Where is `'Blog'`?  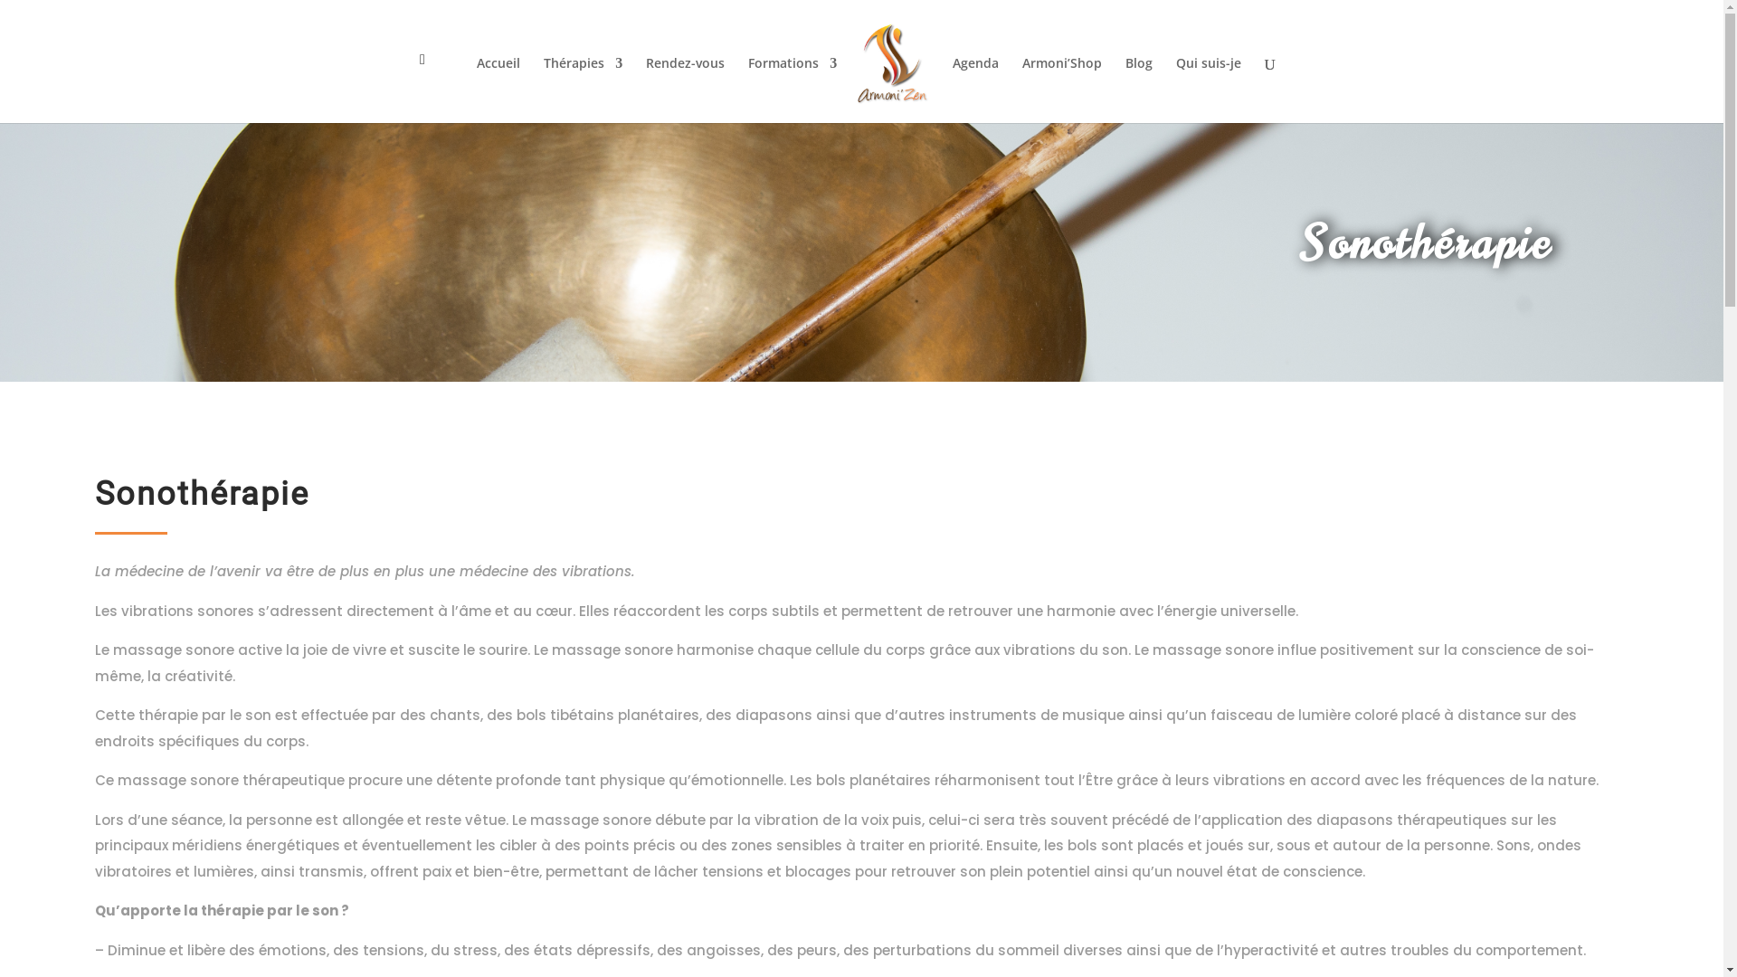 'Blog' is located at coordinates (1137, 90).